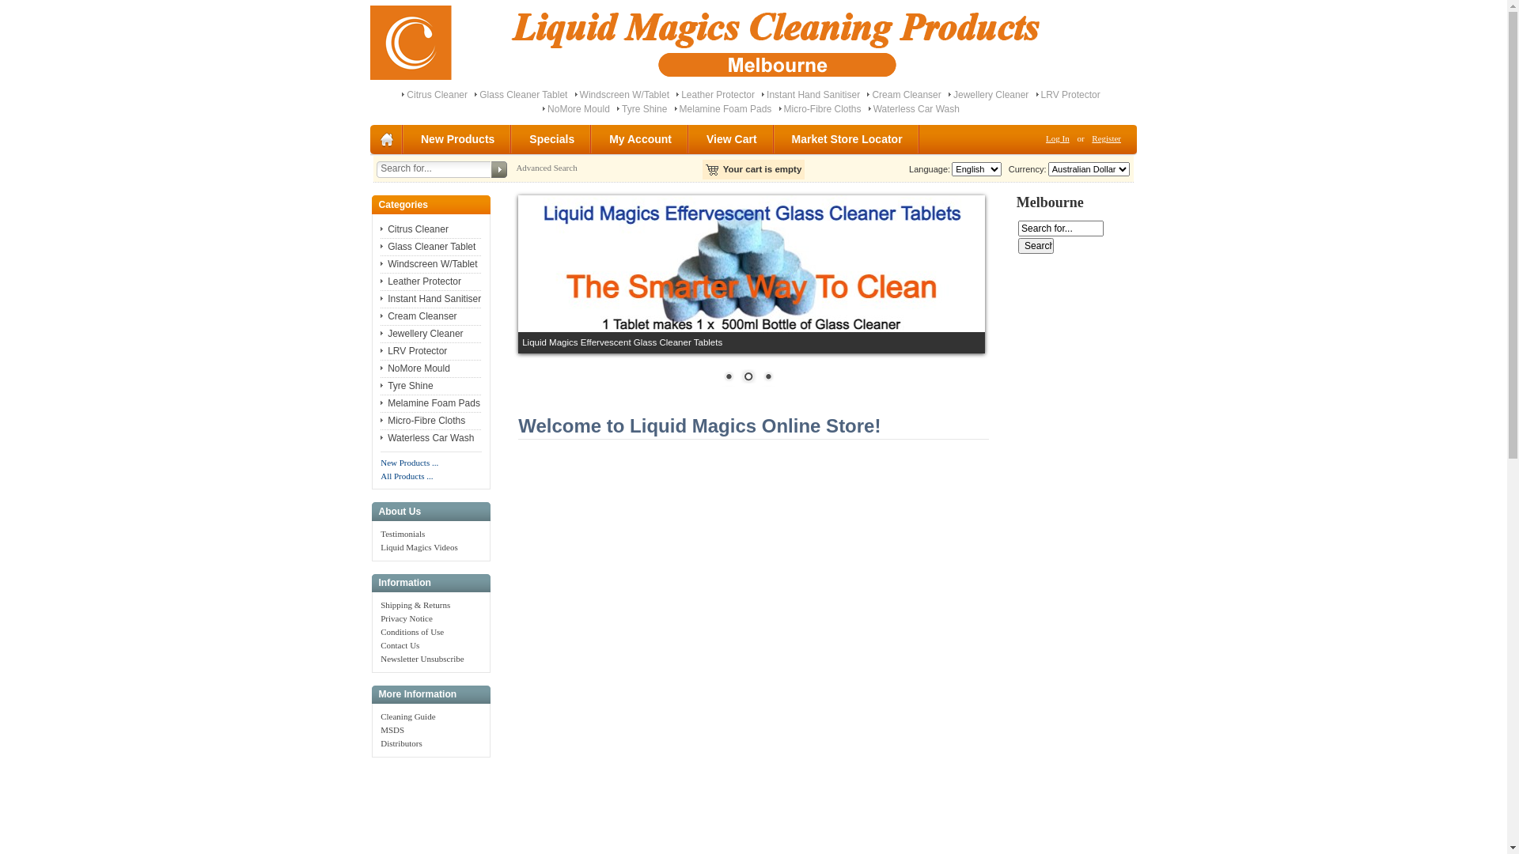 The height and width of the screenshot is (854, 1519). I want to click on 'My Account', so click(641, 138).